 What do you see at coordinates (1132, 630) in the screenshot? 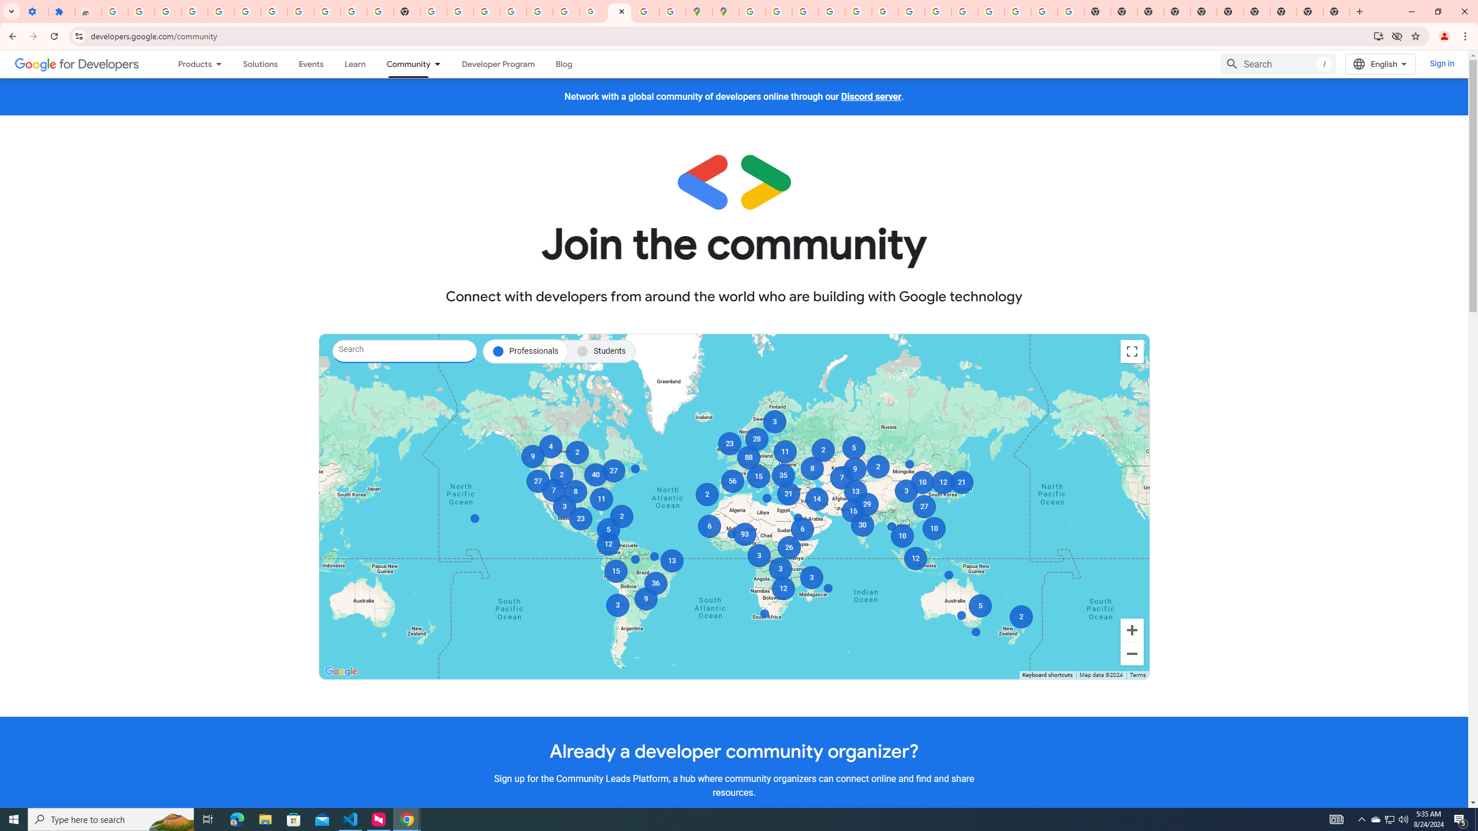
I see `'Zoom in'` at bounding box center [1132, 630].